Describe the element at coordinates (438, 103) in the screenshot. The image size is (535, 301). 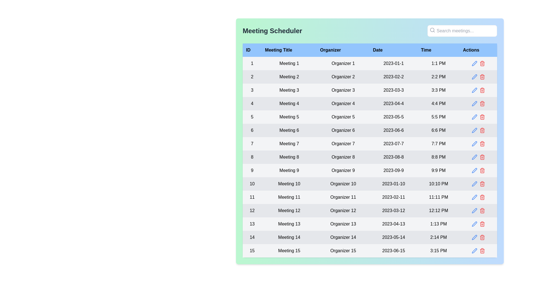
I see `the non-interactive Text display showing the scheduled time of the meeting (4:4 PM) located under the 'Time' column in the row labeled 'Organizer 4' and '2023-04-4'` at that location.